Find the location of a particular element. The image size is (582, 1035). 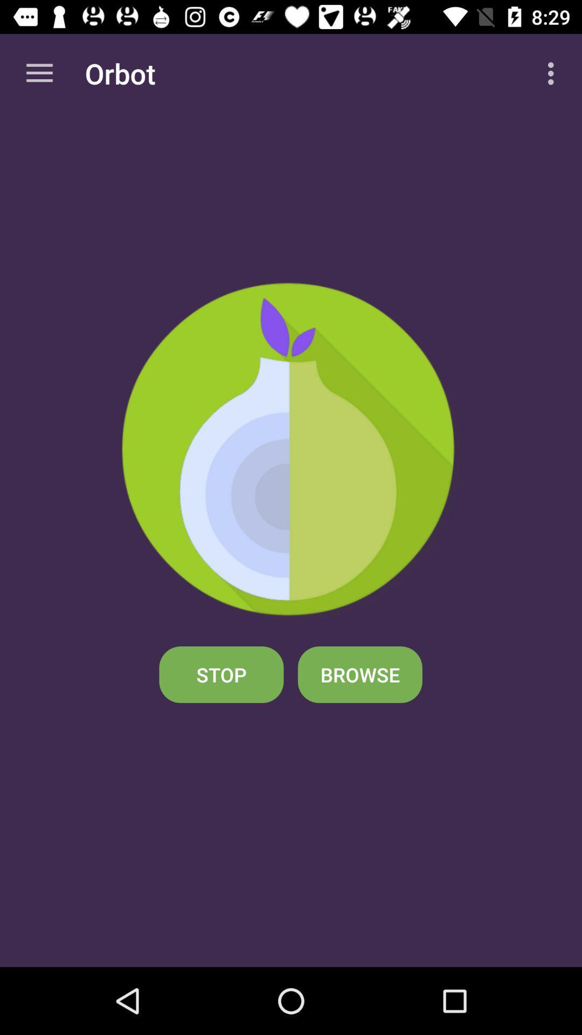

the item next to the browse is located at coordinates (221, 674).